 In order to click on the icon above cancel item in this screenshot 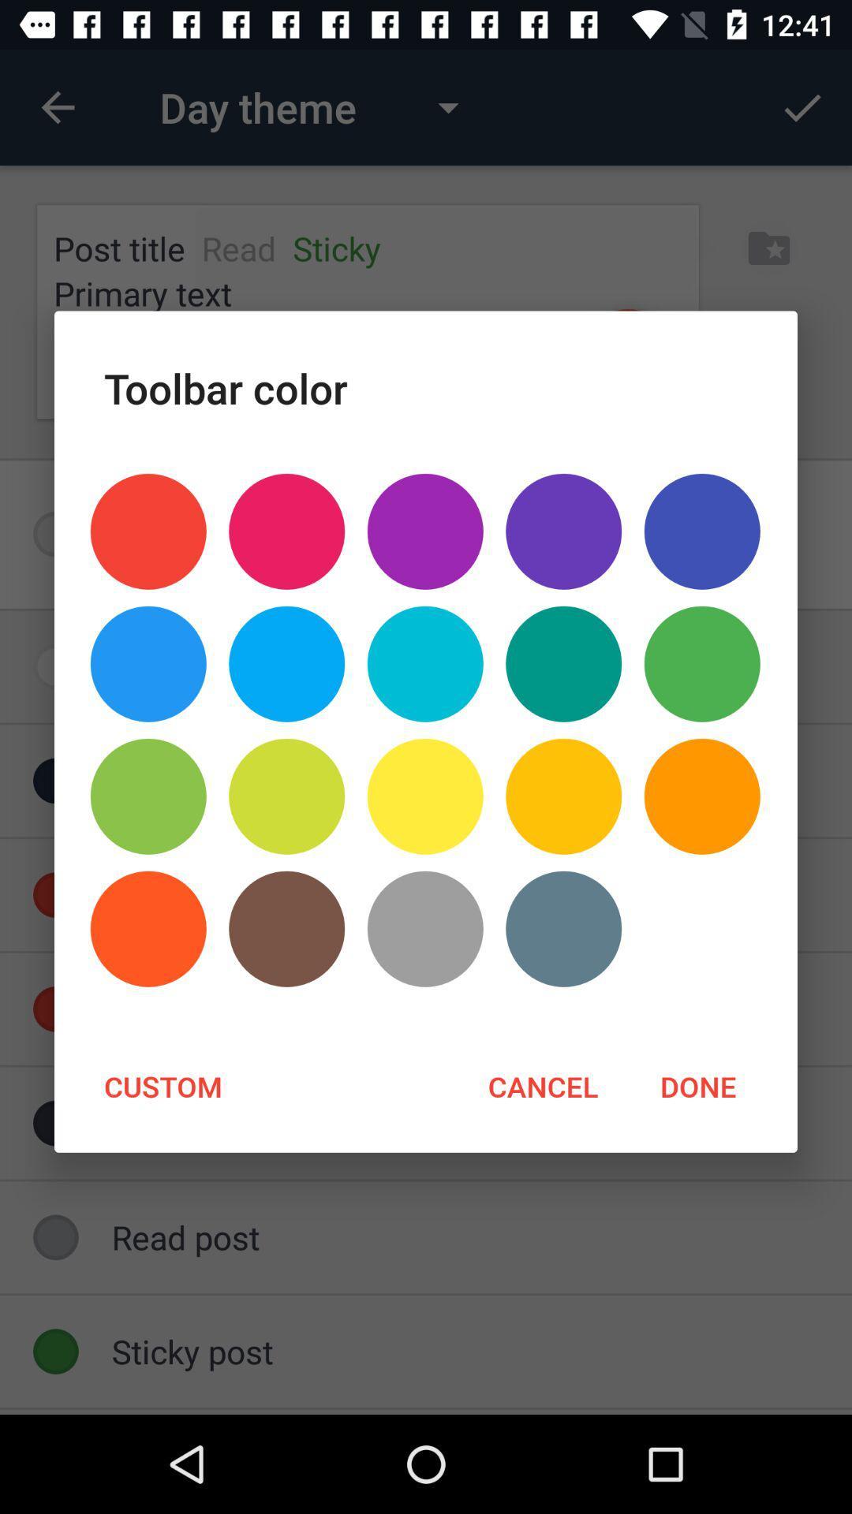, I will do `click(562, 929)`.